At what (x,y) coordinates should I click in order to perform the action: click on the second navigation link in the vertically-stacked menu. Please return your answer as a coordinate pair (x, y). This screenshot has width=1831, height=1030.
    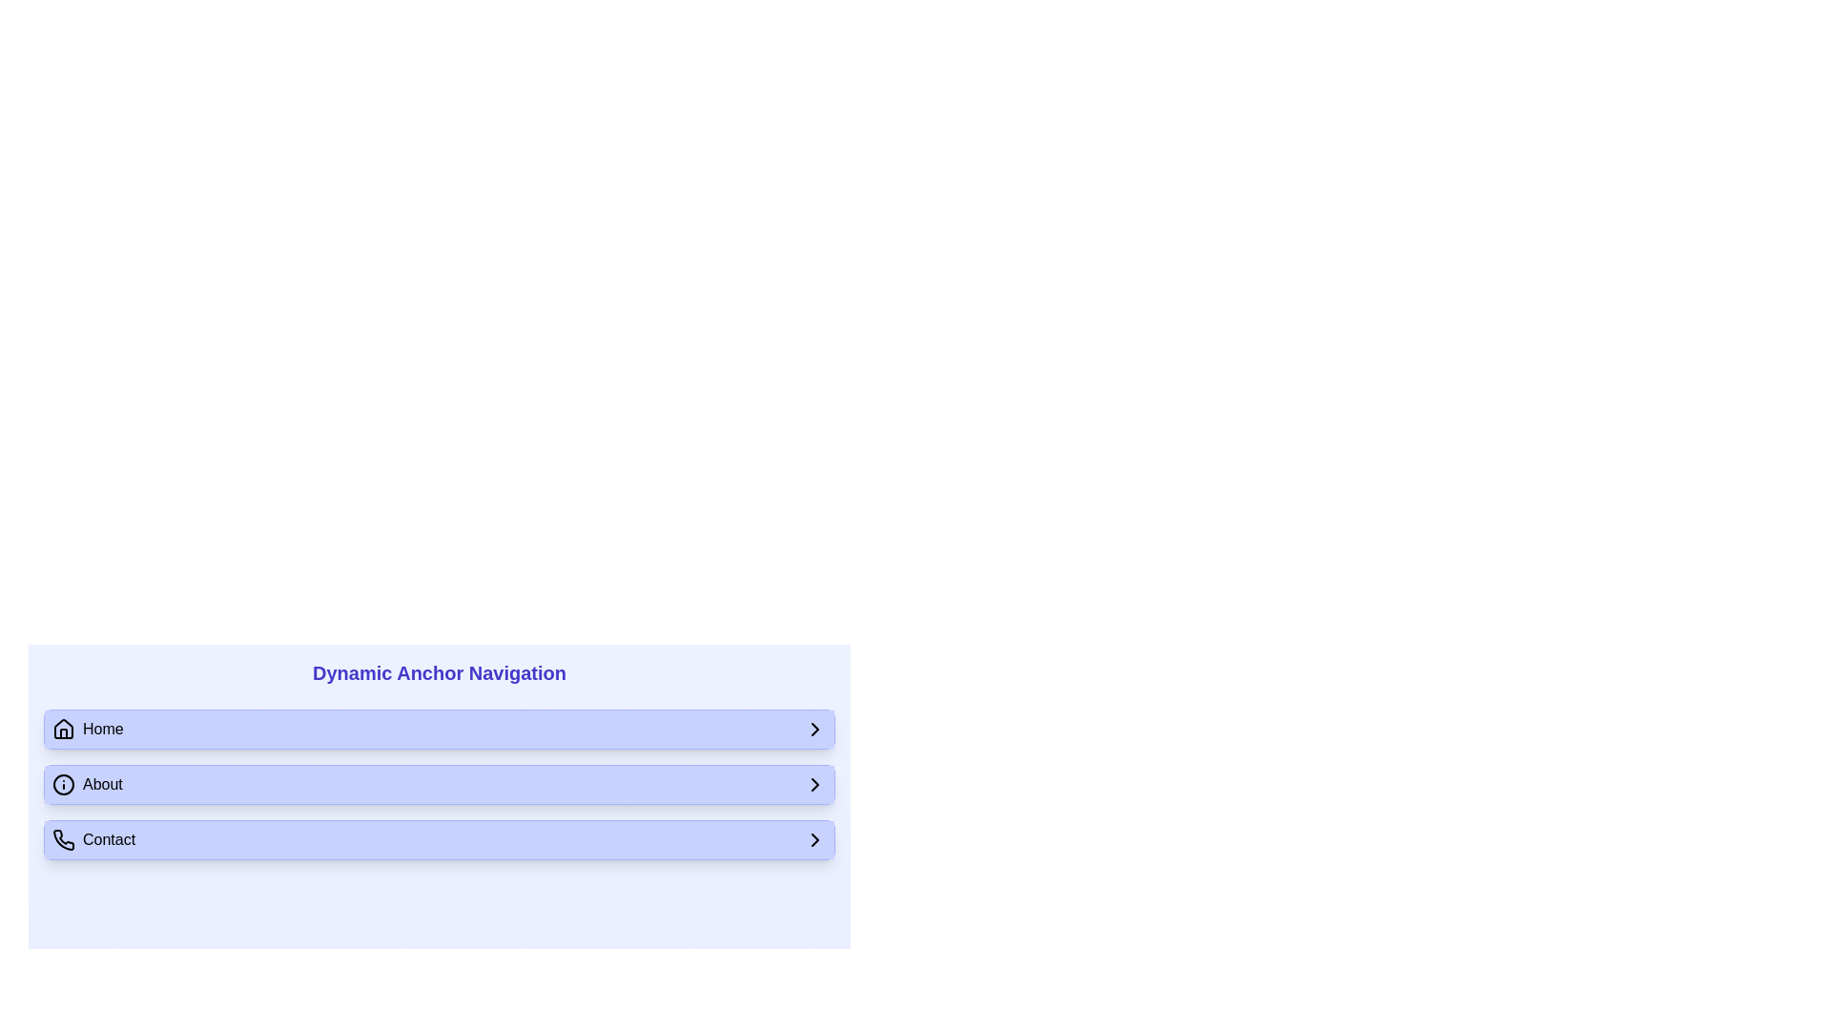
    Looking at the image, I should click on (86, 784).